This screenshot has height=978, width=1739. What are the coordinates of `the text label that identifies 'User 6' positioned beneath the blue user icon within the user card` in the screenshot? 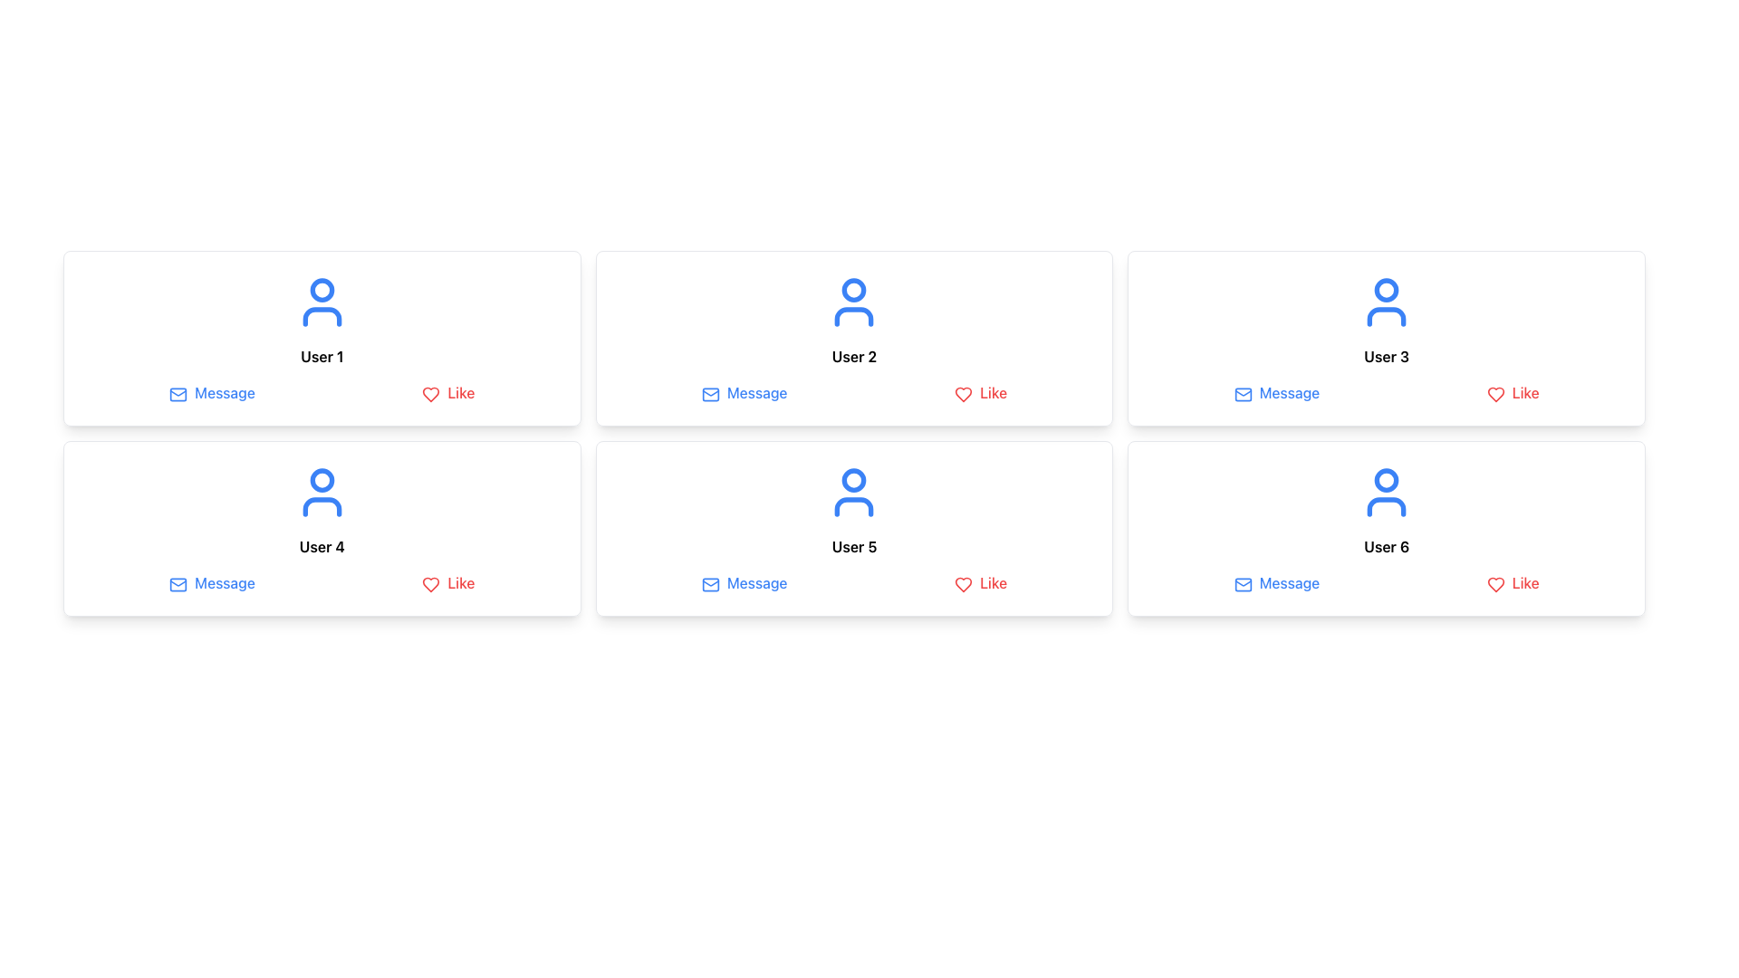 It's located at (1386, 546).